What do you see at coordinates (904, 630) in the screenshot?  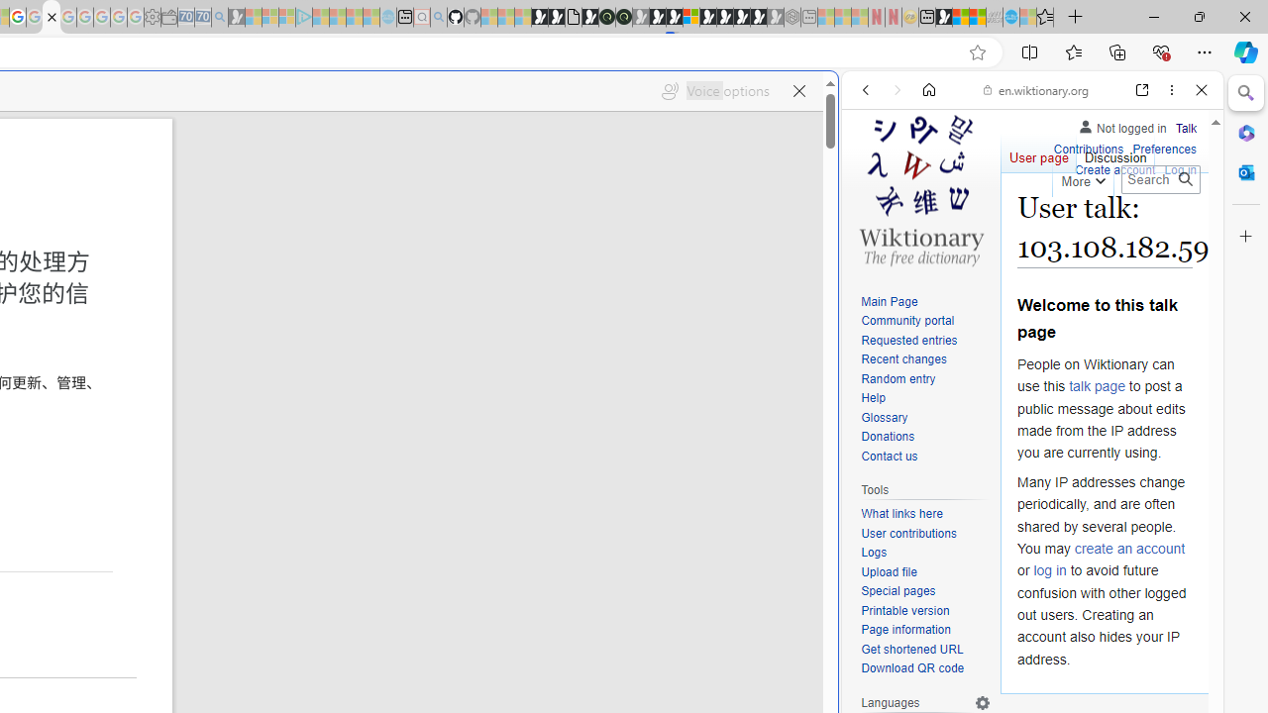 I see `'Page information'` at bounding box center [904, 630].